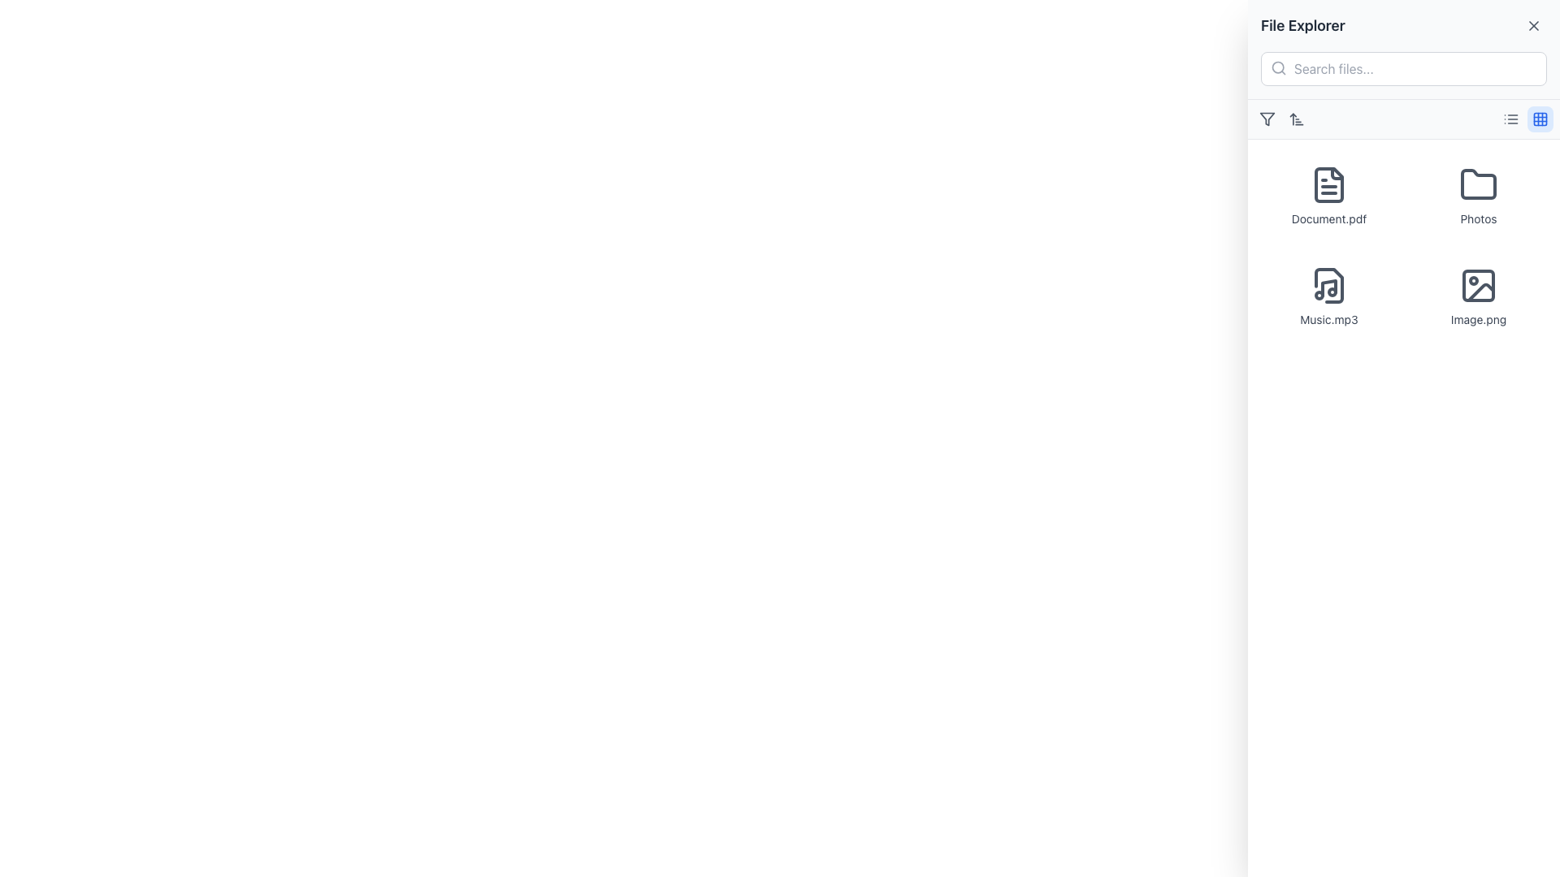 The width and height of the screenshot is (1560, 877). I want to click on the text label that identifies the file named 'Music.mp3' within the file explorer context, located in the second row and first column of the grid layout, so click(1329, 319).